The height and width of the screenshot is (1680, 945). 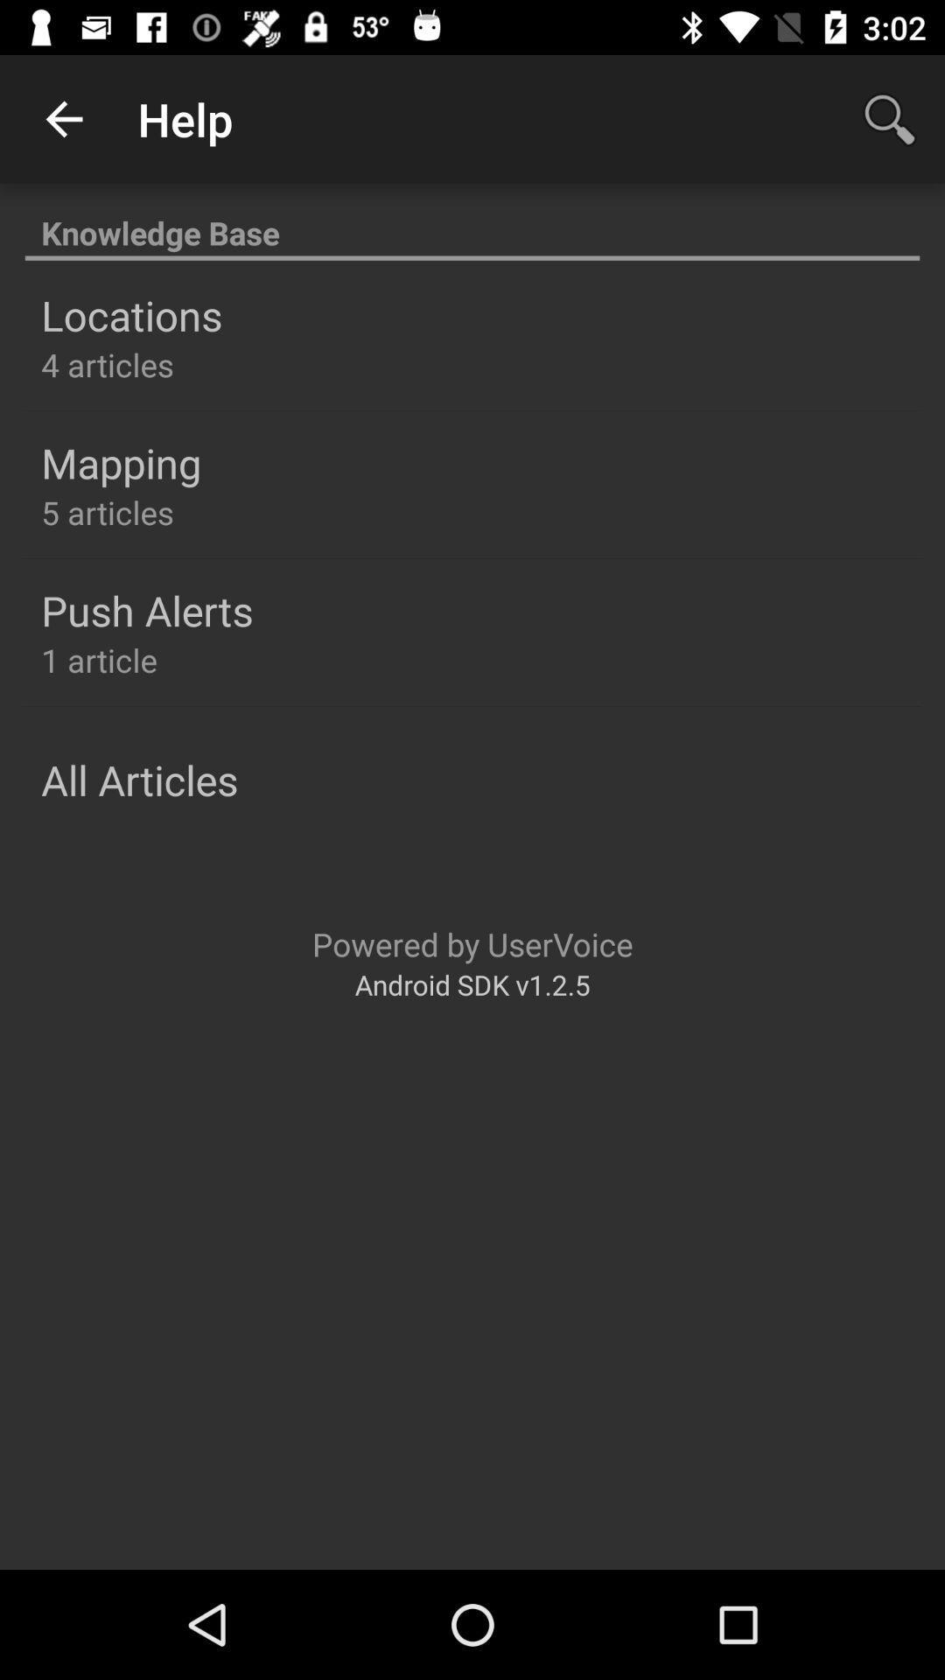 What do you see at coordinates (472, 222) in the screenshot?
I see `knowledge base item` at bounding box center [472, 222].